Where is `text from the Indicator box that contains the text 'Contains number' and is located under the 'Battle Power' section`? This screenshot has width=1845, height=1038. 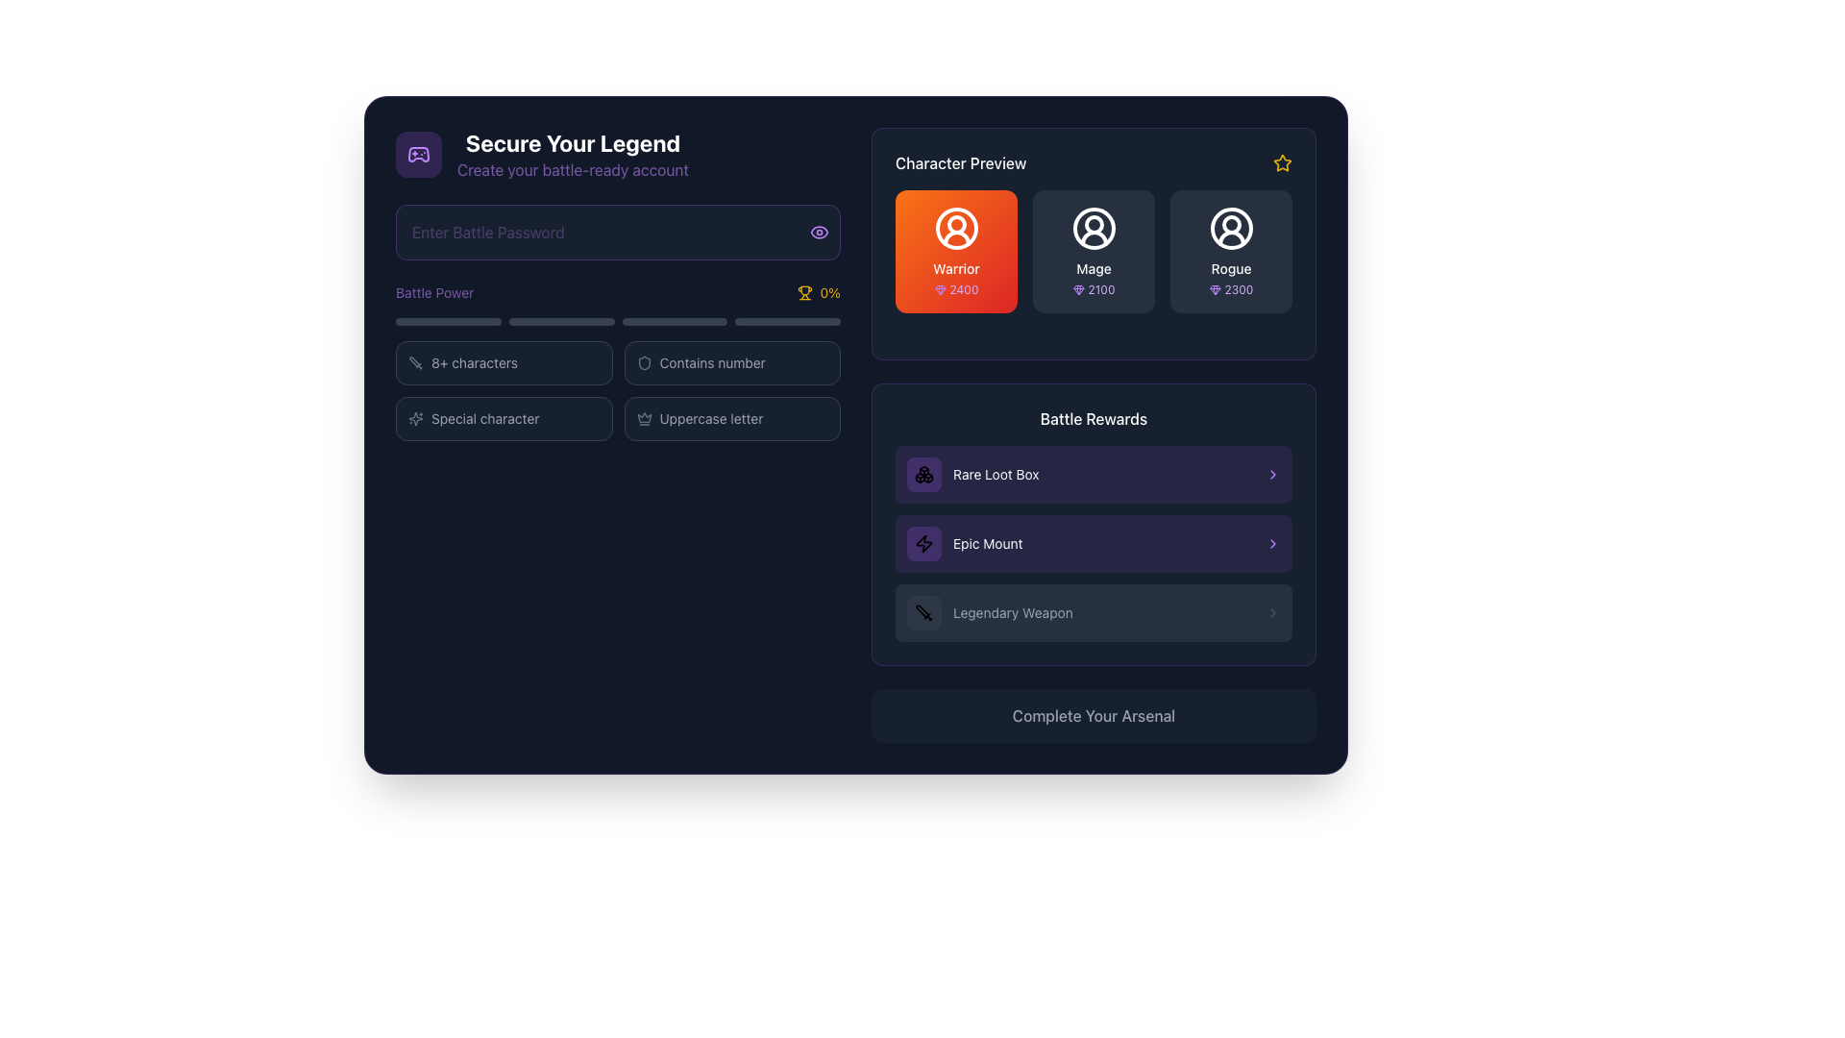 text from the Indicator box that contains the text 'Contains number' and is located under the 'Battle Power' section is located at coordinates (731, 363).